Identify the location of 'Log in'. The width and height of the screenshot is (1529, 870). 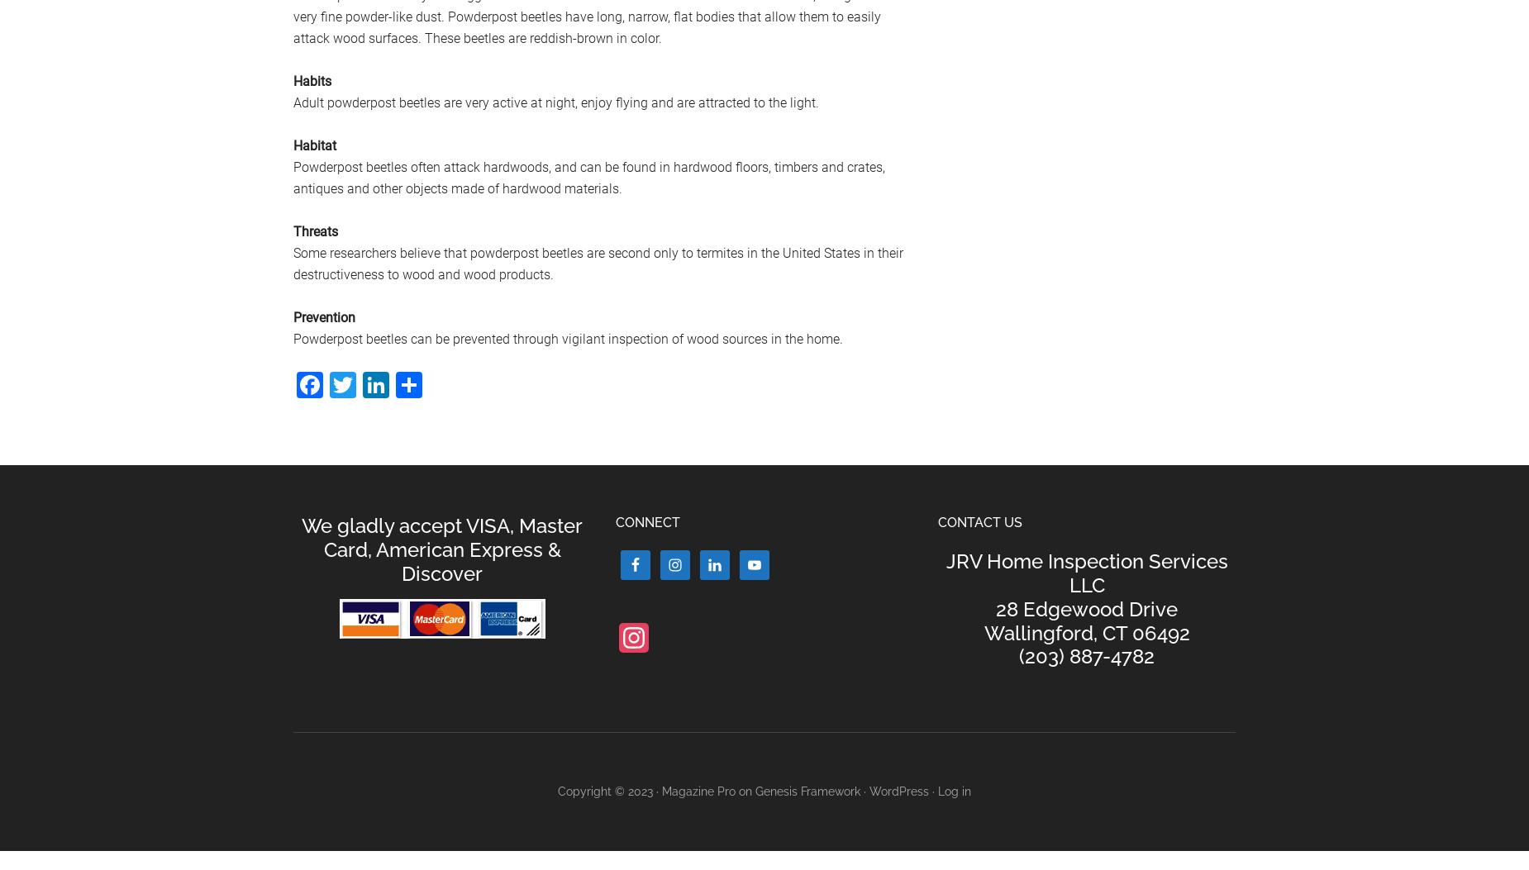
(953, 792).